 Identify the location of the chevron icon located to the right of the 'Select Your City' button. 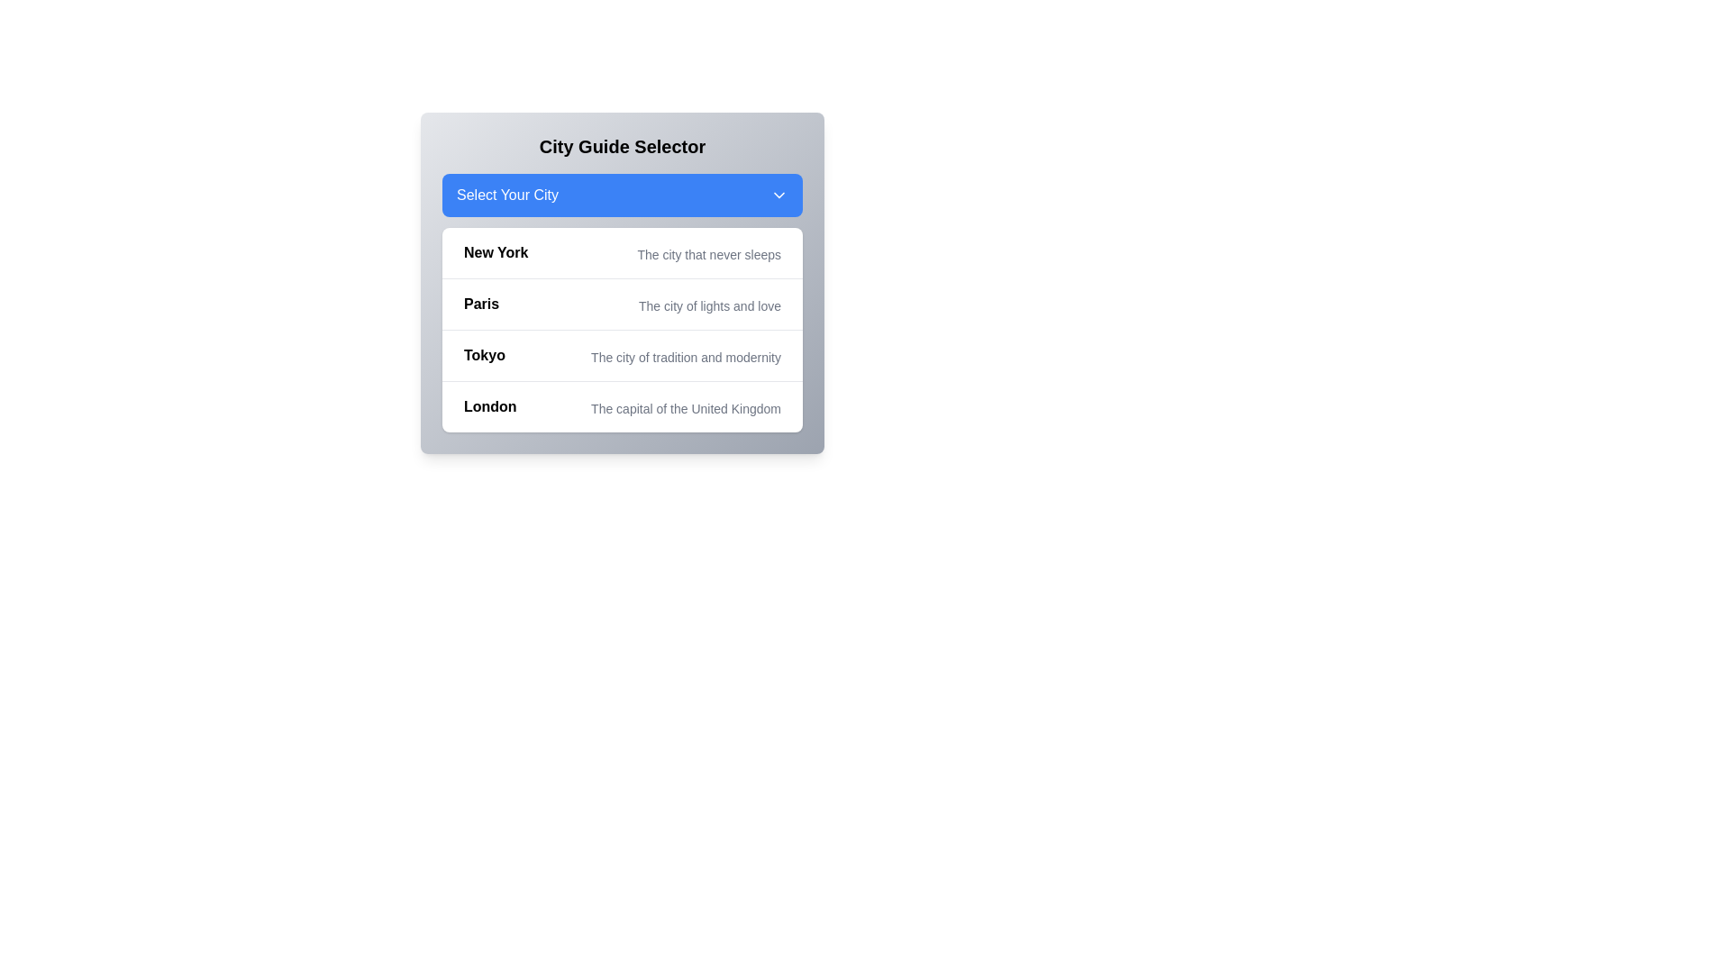
(778, 195).